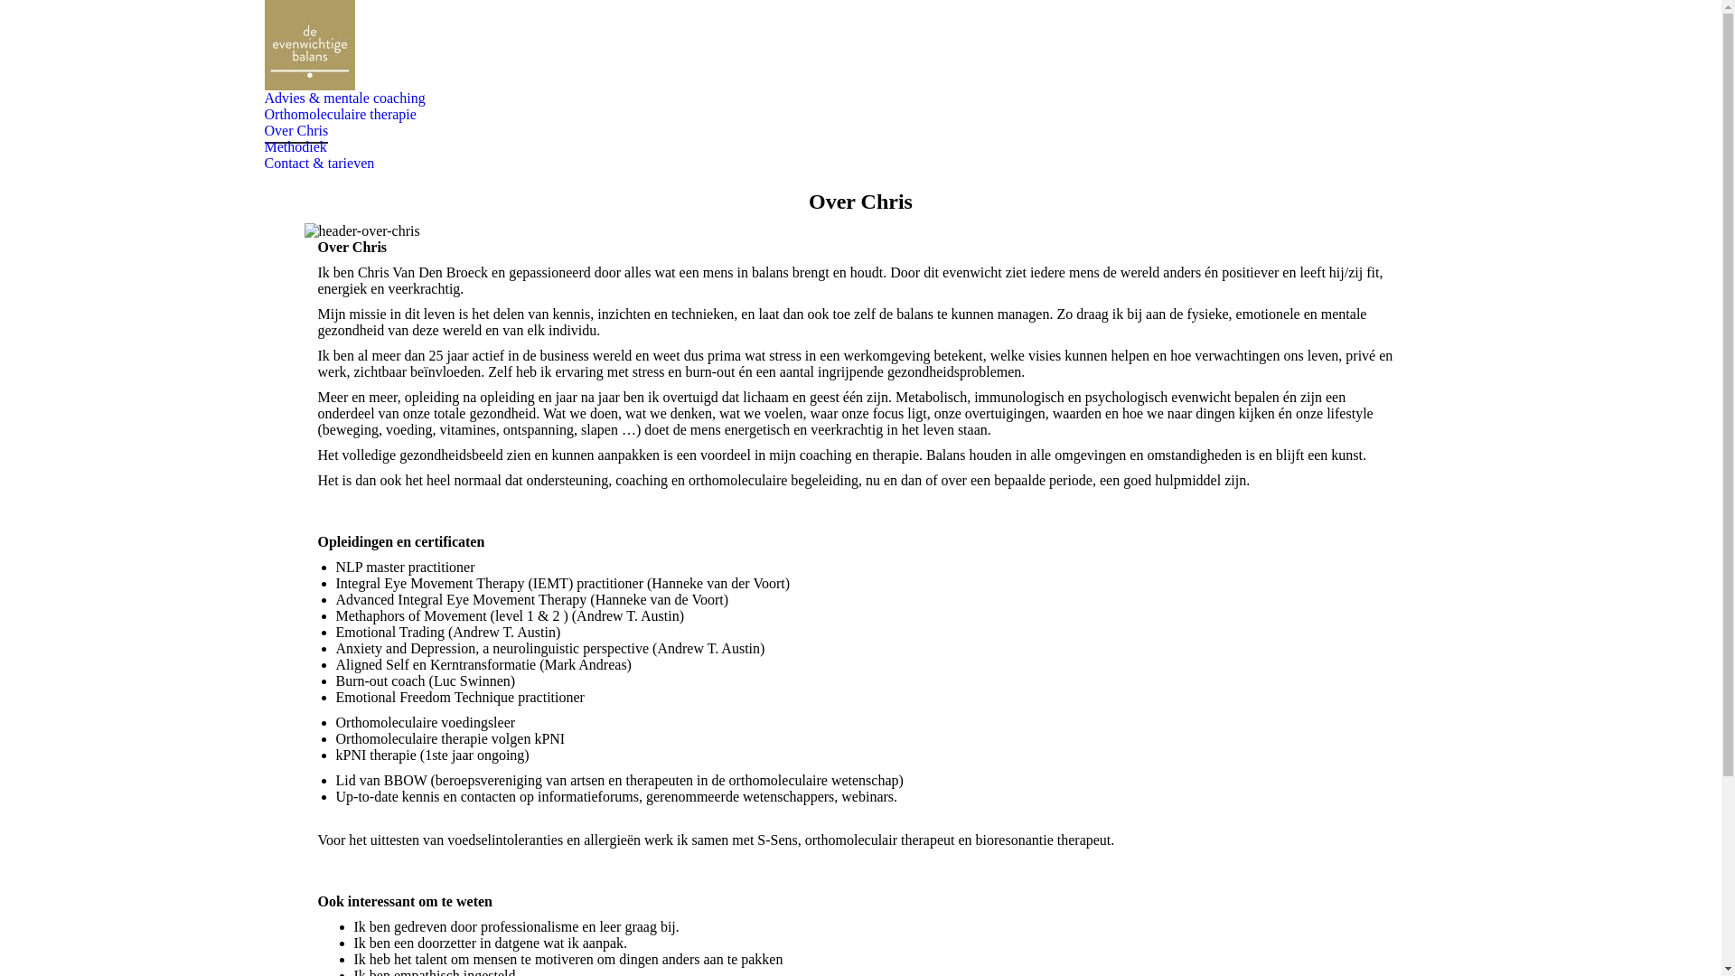  I want to click on 'Advies & mentale coaching', so click(343, 98).